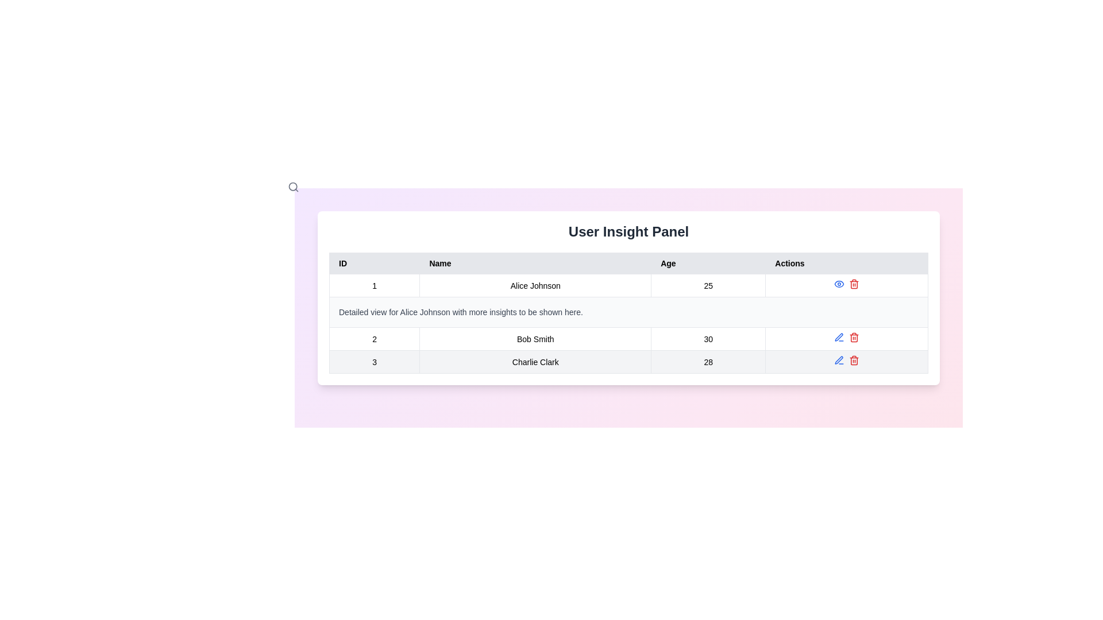 This screenshot has width=1103, height=620. What do you see at coordinates (535, 362) in the screenshot?
I see `the second cell` at bounding box center [535, 362].